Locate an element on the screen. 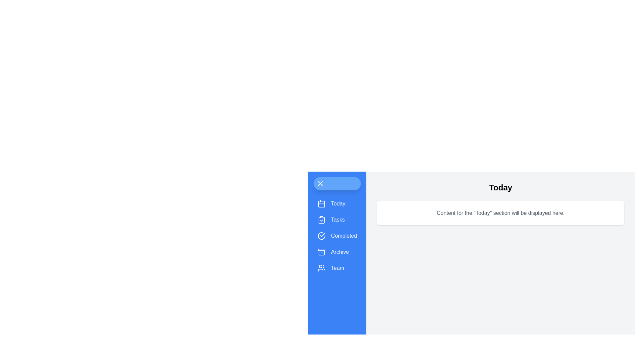 The width and height of the screenshot is (644, 362). the tab labeled Archive from the side menu is located at coordinates (337, 252).